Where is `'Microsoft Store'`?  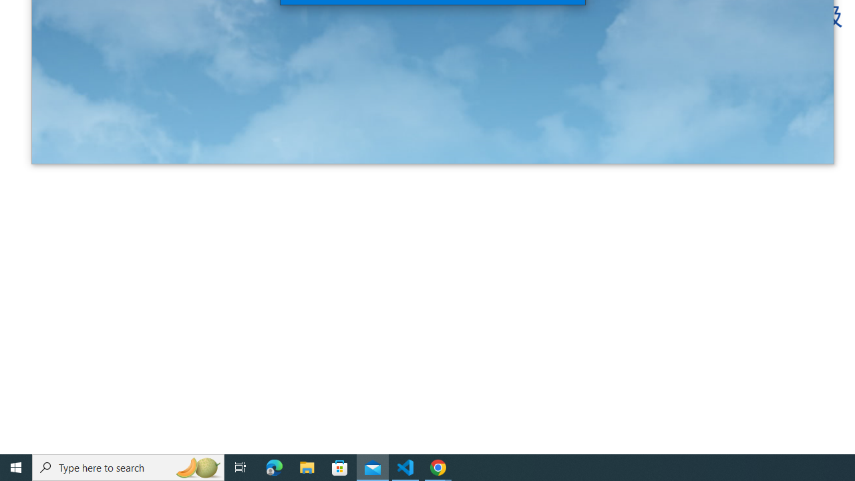 'Microsoft Store' is located at coordinates (340, 466).